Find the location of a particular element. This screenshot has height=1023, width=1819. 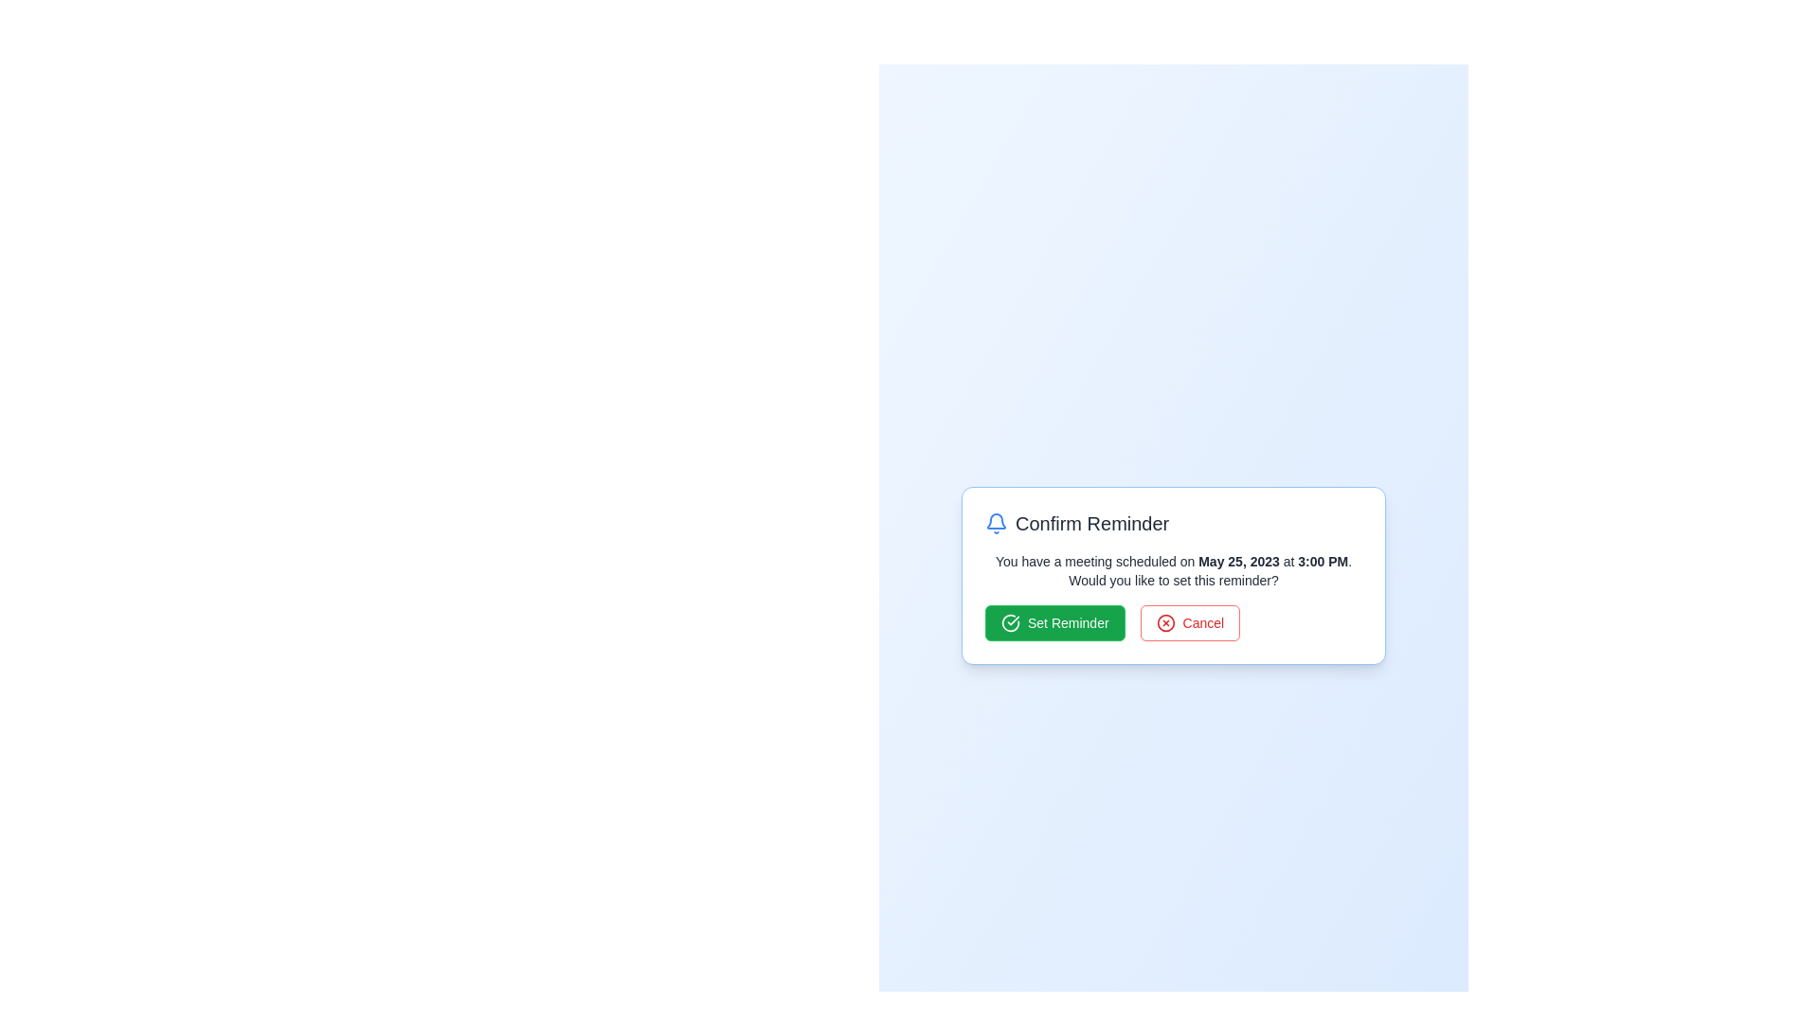

the small red circular icon with an 'X' symbol, which is located to the left of the 'Cancel' button at the bottom-right of the confirmation dialog box is located at coordinates (1164, 623).